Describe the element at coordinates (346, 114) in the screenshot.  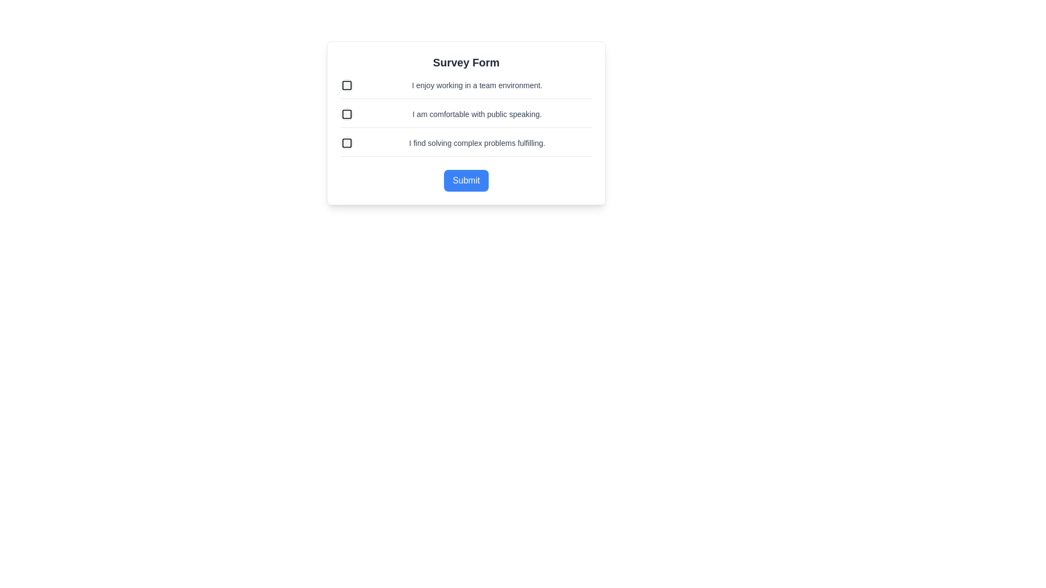
I see `the toggle button for the 'I am comfortable with public speaking' question to change its selection state` at that location.